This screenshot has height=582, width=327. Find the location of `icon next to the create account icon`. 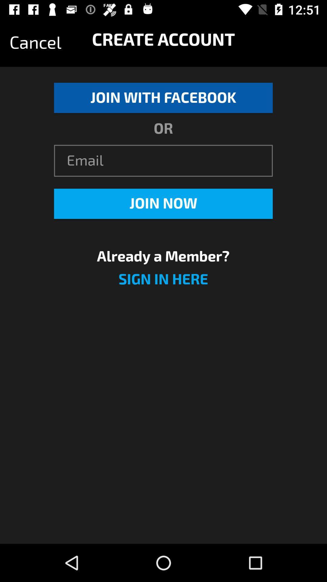

icon next to the create account icon is located at coordinates (35, 42).